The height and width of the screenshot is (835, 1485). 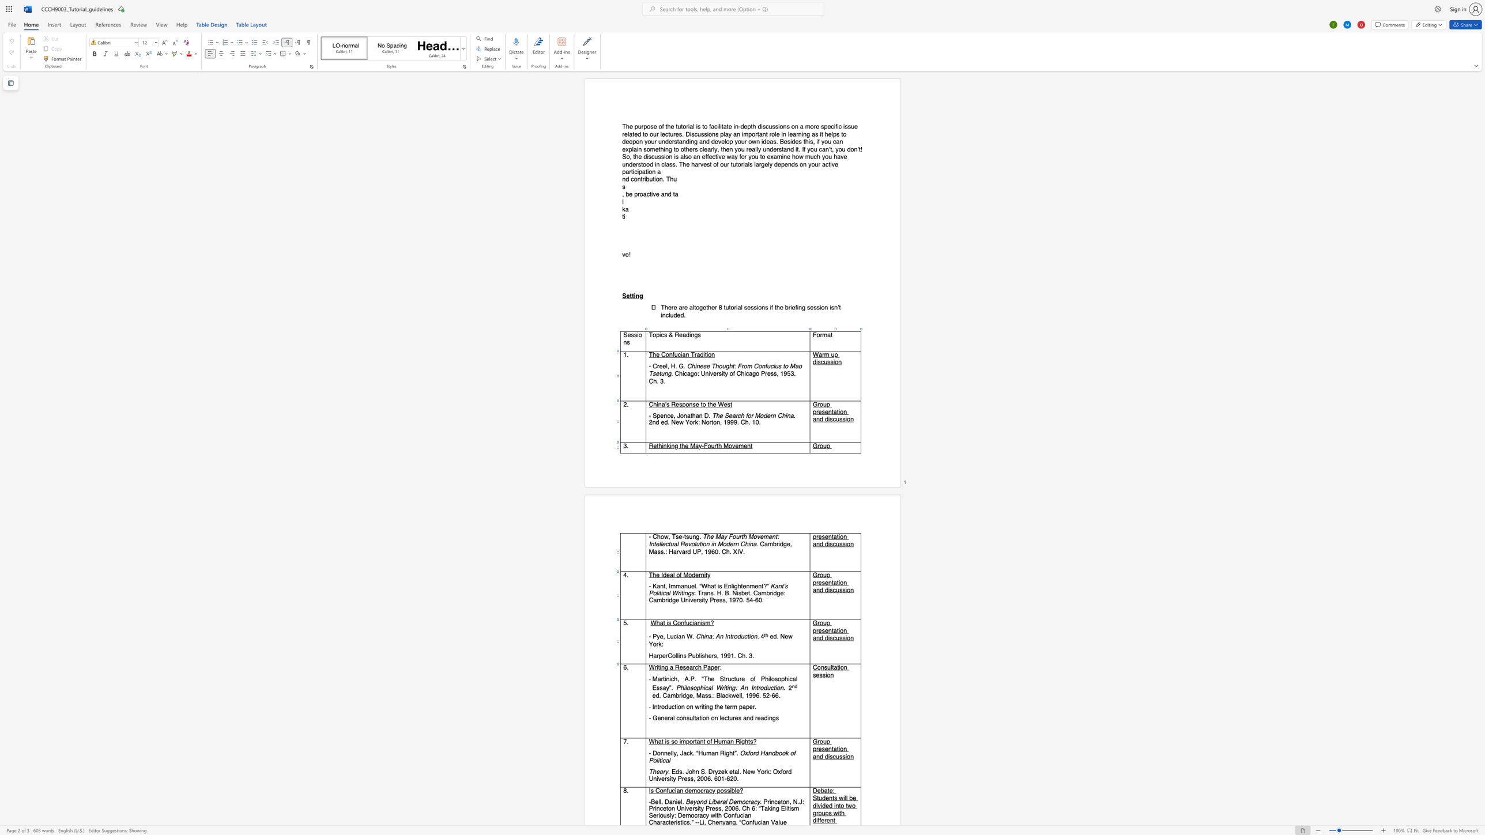 What do you see at coordinates (687, 667) in the screenshot?
I see `the 2th character "e" in the text` at bounding box center [687, 667].